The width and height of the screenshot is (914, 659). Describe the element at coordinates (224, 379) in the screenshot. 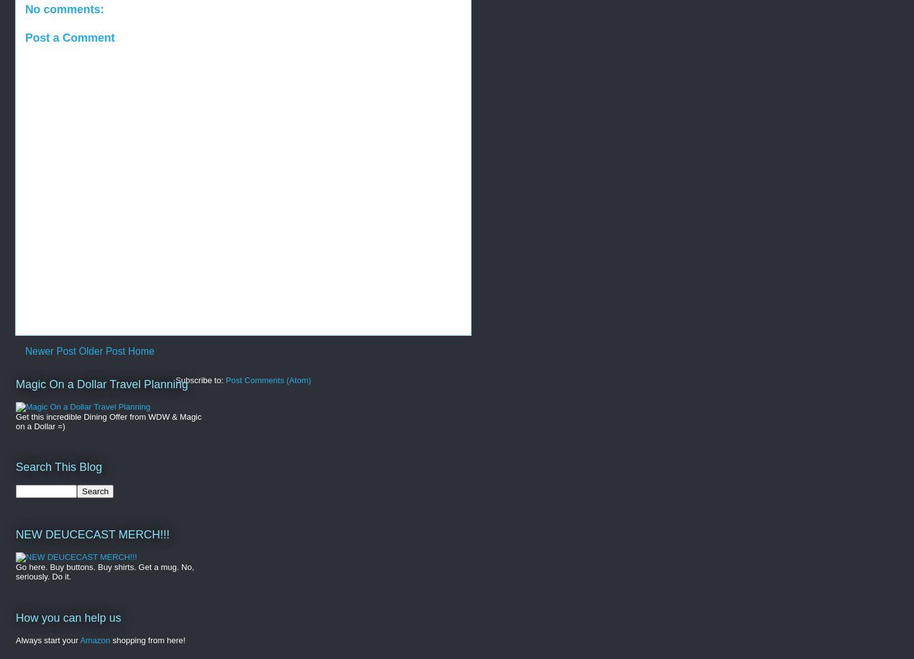

I see `'Post Comments (Atom)'` at that location.